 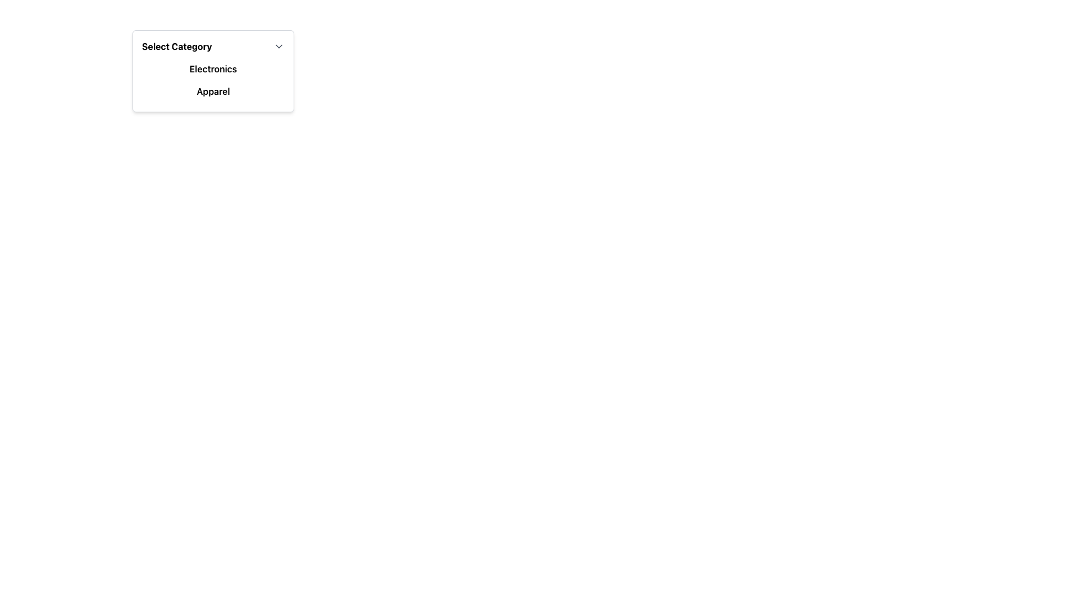 What do you see at coordinates (213, 69) in the screenshot?
I see `the 'Electronics' category button in the dropdown menu` at bounding box center [213, 69].